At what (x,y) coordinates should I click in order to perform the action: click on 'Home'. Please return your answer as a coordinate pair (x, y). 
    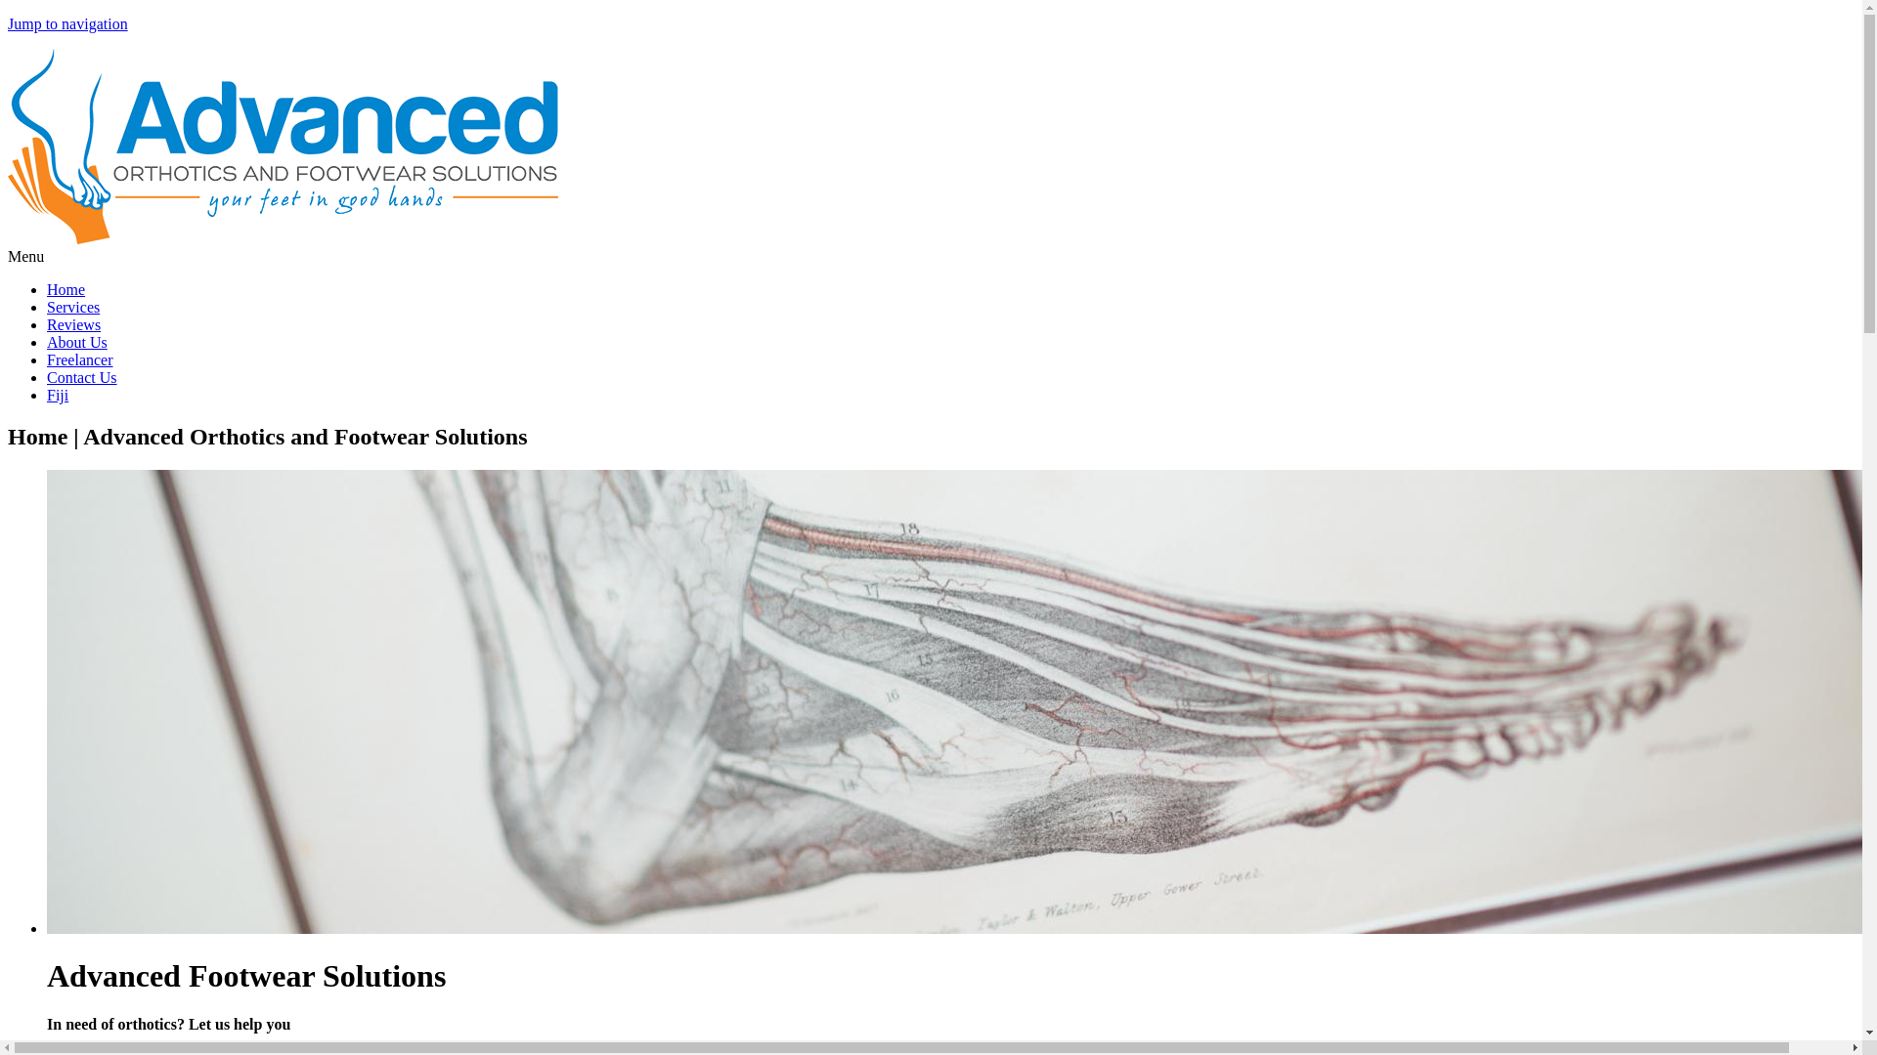
    Looking at the image, I should click on (8, 237).